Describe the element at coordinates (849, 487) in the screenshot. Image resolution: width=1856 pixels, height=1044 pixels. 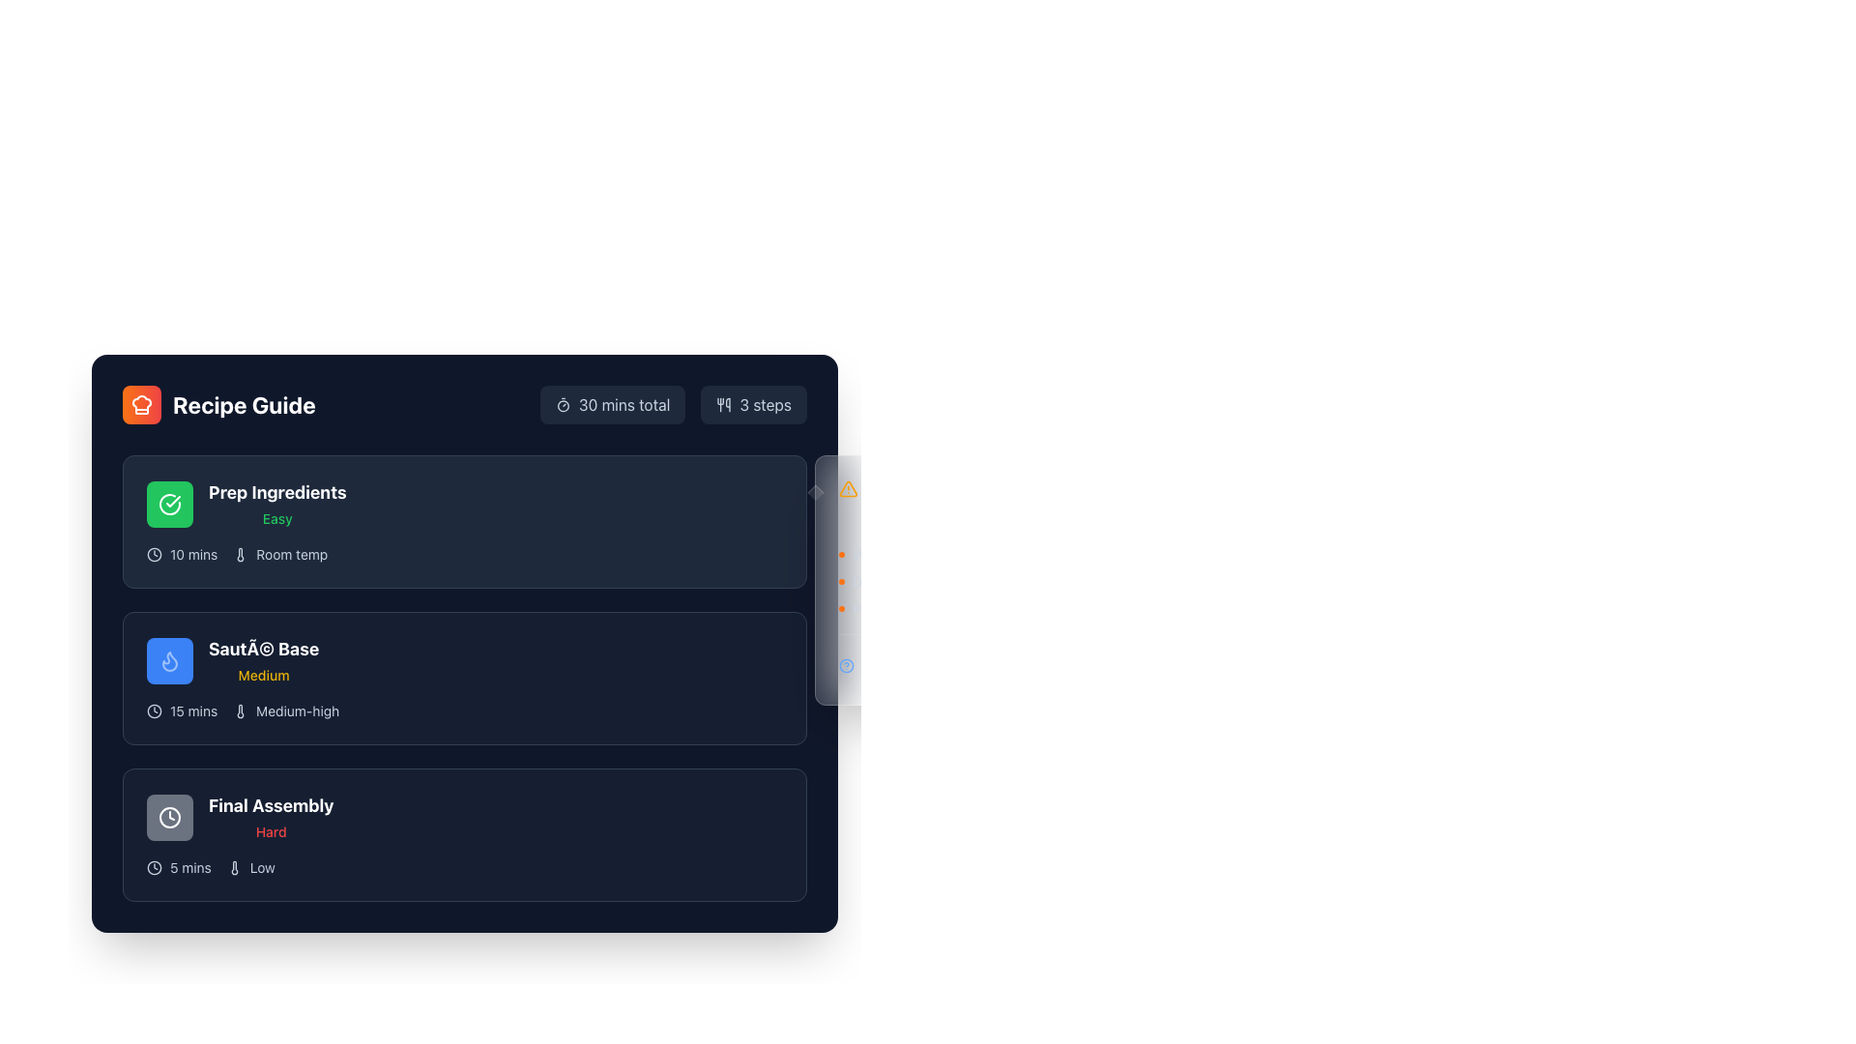
I see `the warning or alert icon located near the text 'Ensure ingredients are fresh' within the task item description block` at that location.